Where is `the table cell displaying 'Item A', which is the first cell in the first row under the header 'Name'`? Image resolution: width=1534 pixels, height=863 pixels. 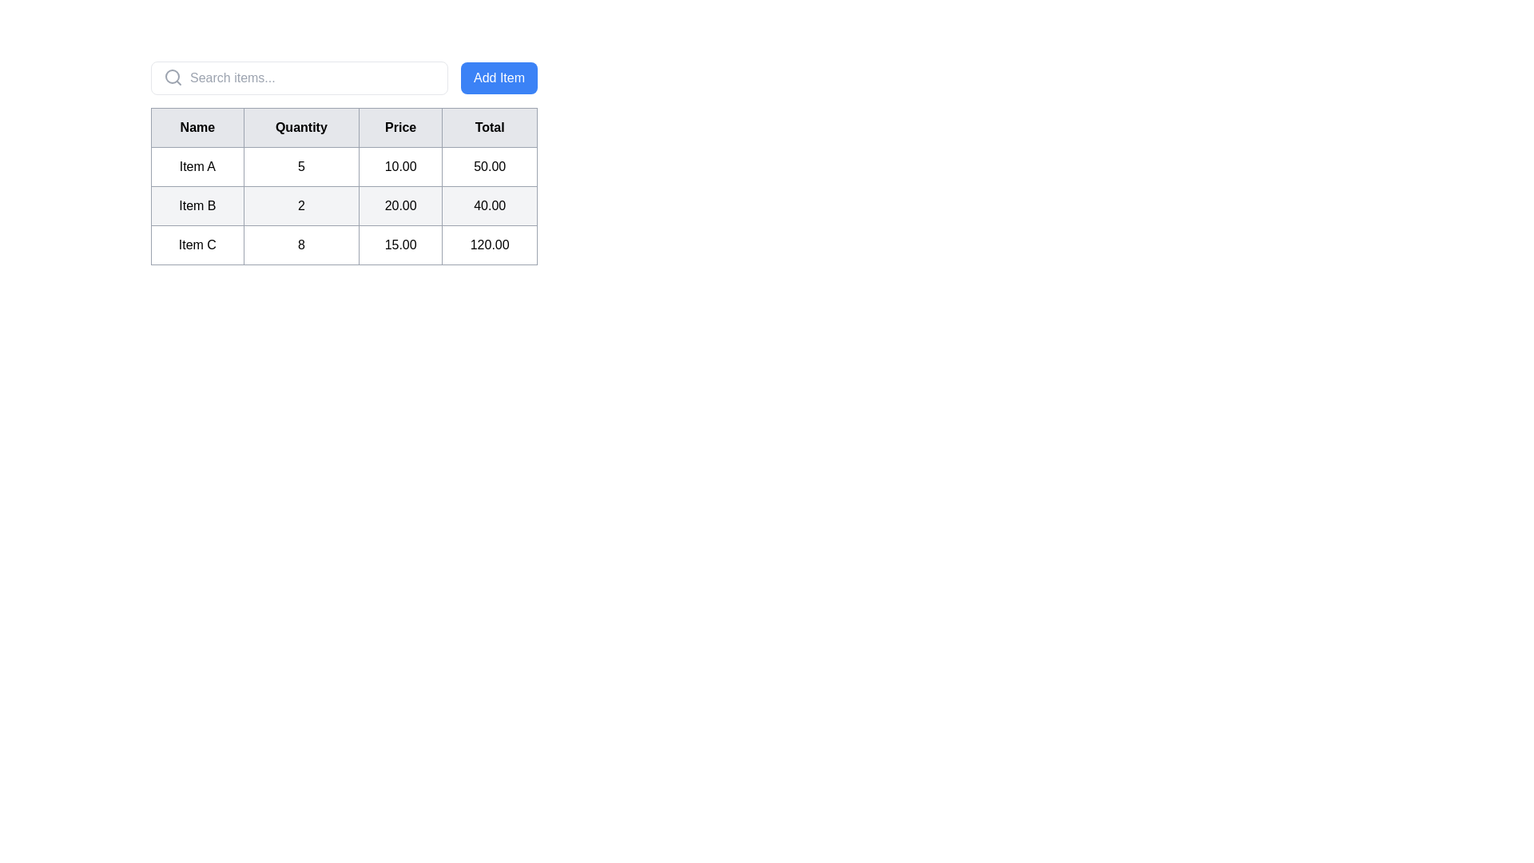 the table cell displaying 'Item A', which is the first cell in the first row under the header 'Name' is located at coordinates (197, 166).